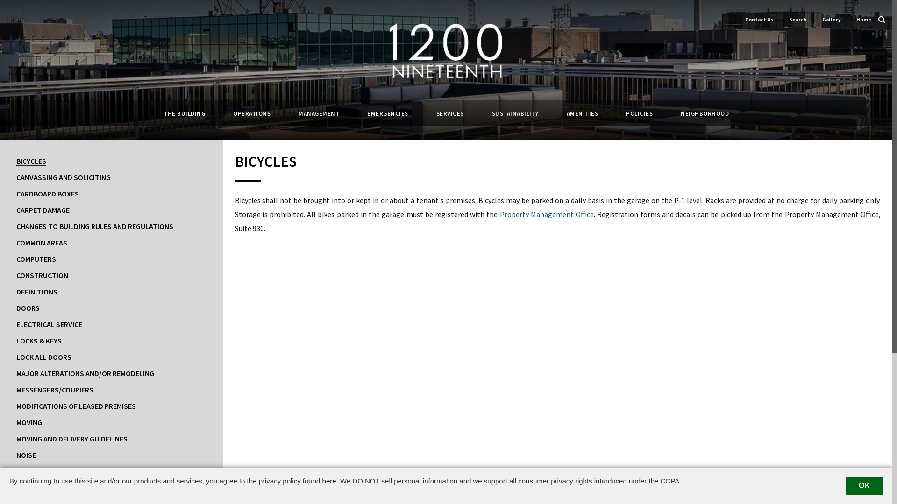 This screenshot has height=504, width=897. I want to click on 'MOVING AND DELIVERY GUIDELINES', so click(16, 439).